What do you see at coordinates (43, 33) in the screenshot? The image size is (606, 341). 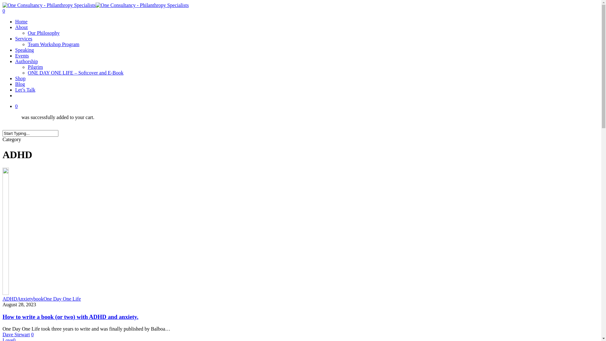 I see `'Our Philosophy'` at bounding box center [43, 33].